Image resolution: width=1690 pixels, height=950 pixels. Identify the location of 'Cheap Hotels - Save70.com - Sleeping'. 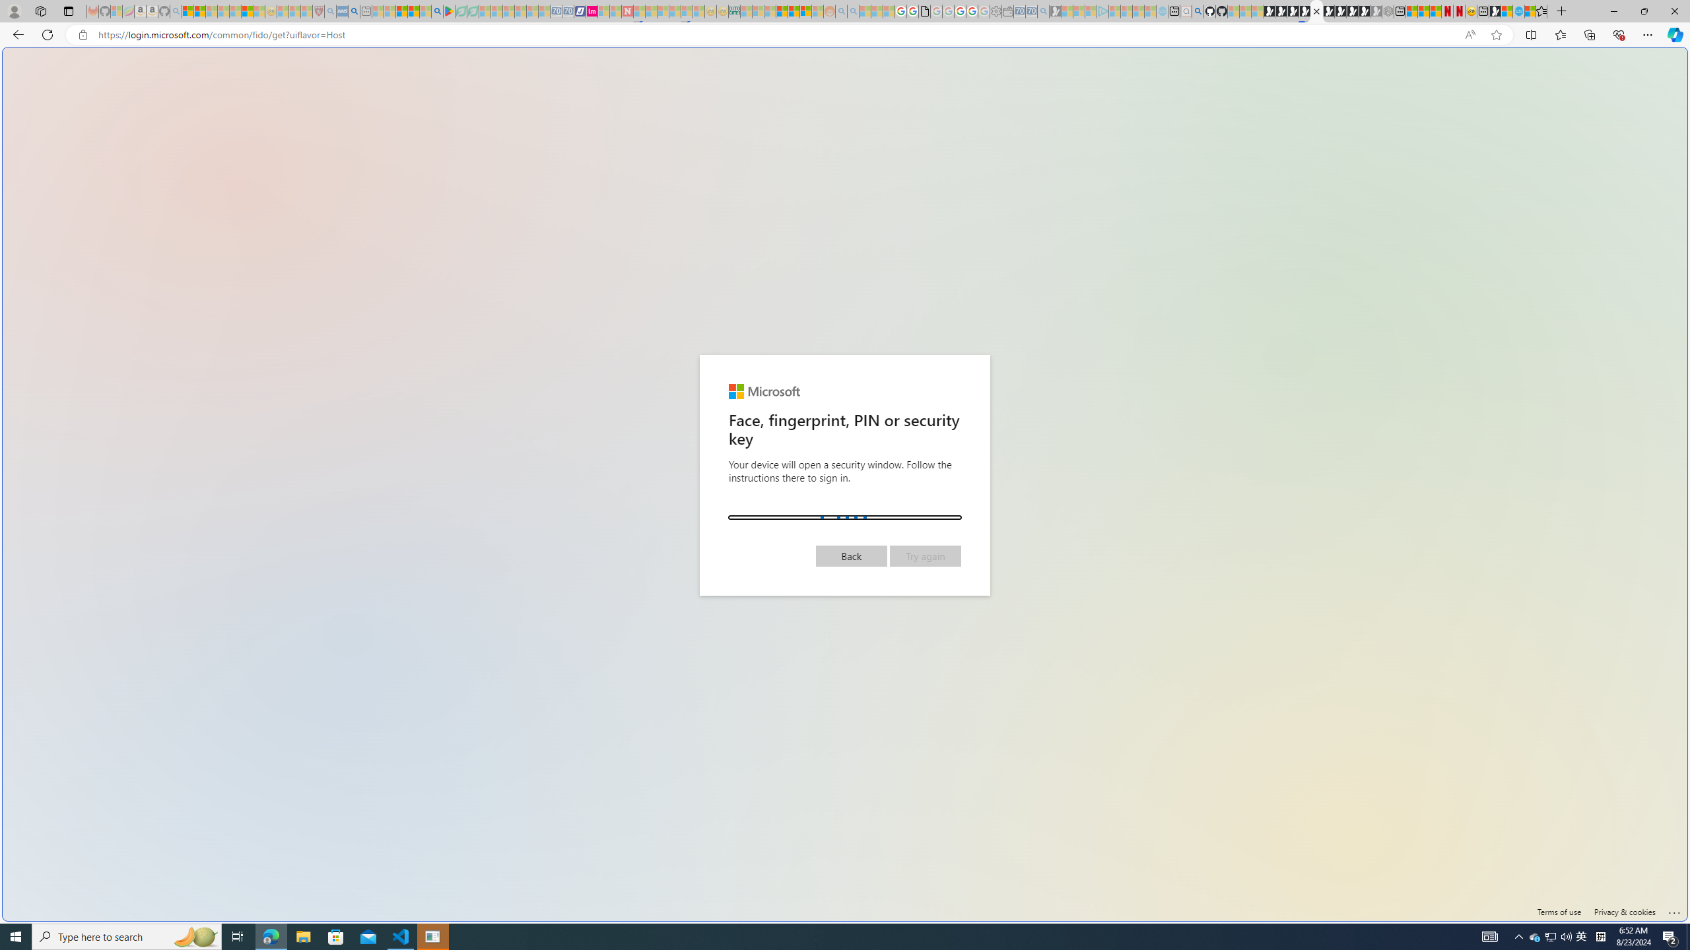
(568, 11).